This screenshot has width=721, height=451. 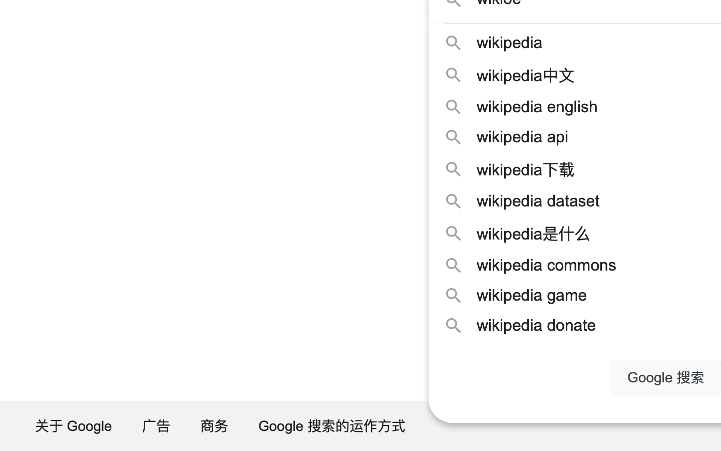 I want to click on '广告', so click(x=157, y=425).